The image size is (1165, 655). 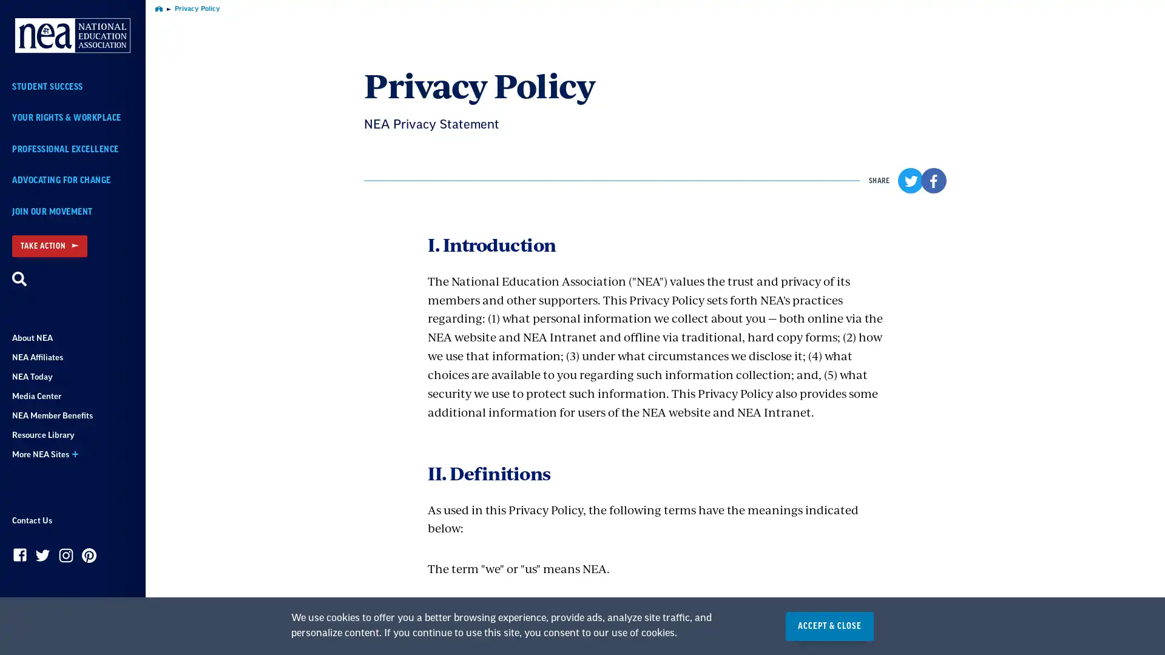 I want to click on ACCEPT & CLOSE, so click(x=829, y=626).